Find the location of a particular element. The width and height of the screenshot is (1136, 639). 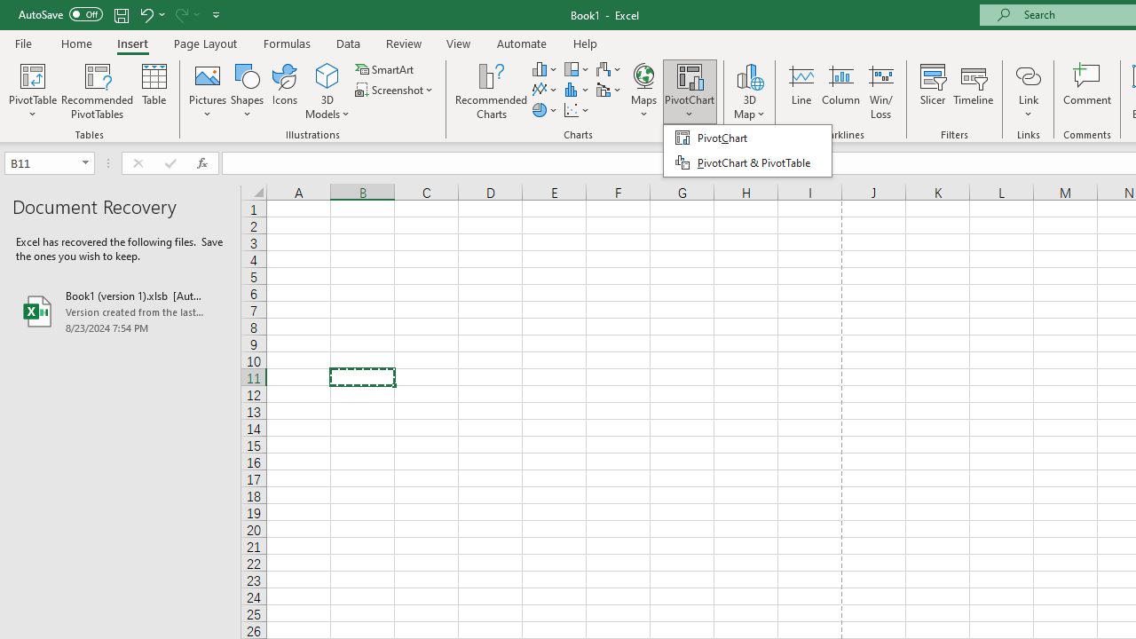

'Column' is located at coordinates (840, 91).